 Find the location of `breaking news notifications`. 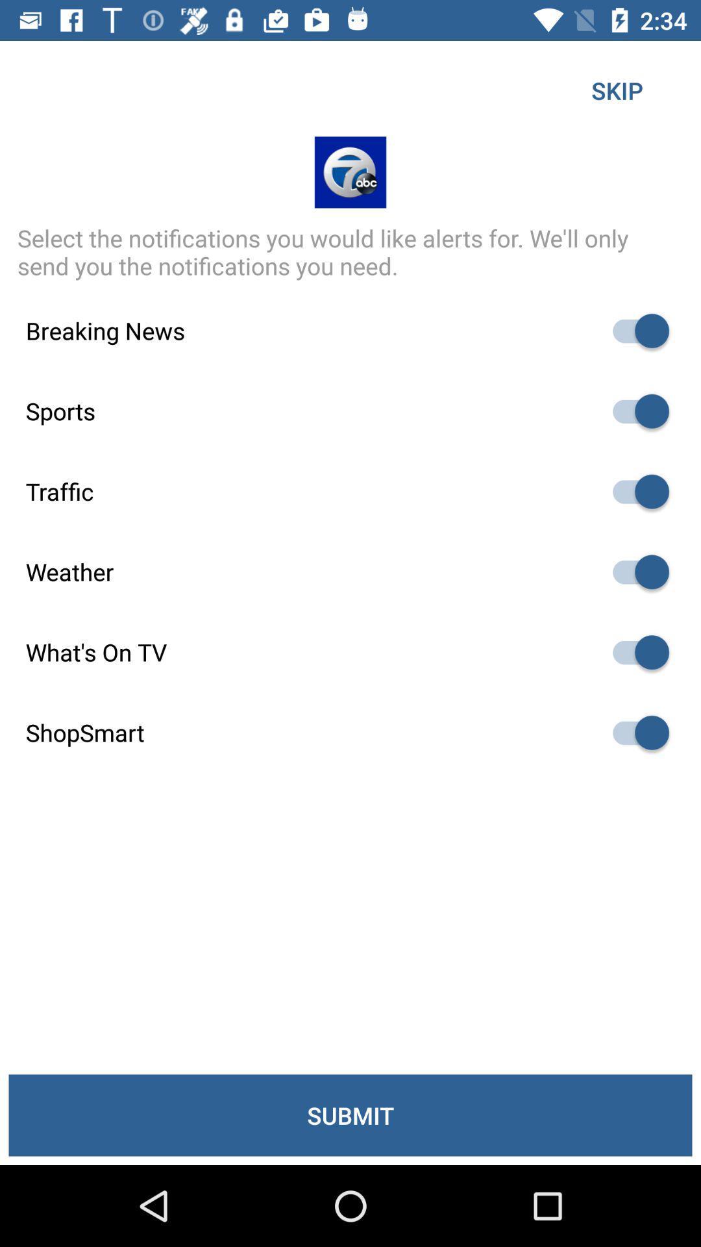

breaking news notifications is located at coordinates (634, 331).